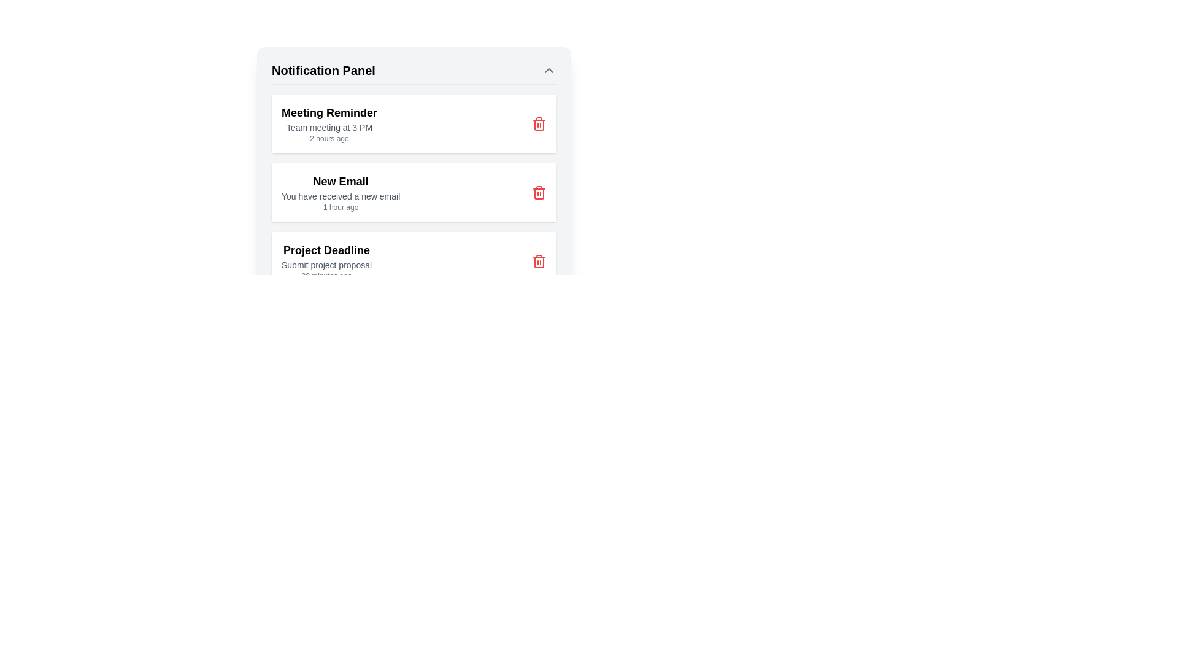  What do you see at coordinates (329, 128) in the screenshot?
I see `informational text located within the 'Meeting Reminder' notification, positioned below the heading and above the subtext` at bounding box center [329, 128].